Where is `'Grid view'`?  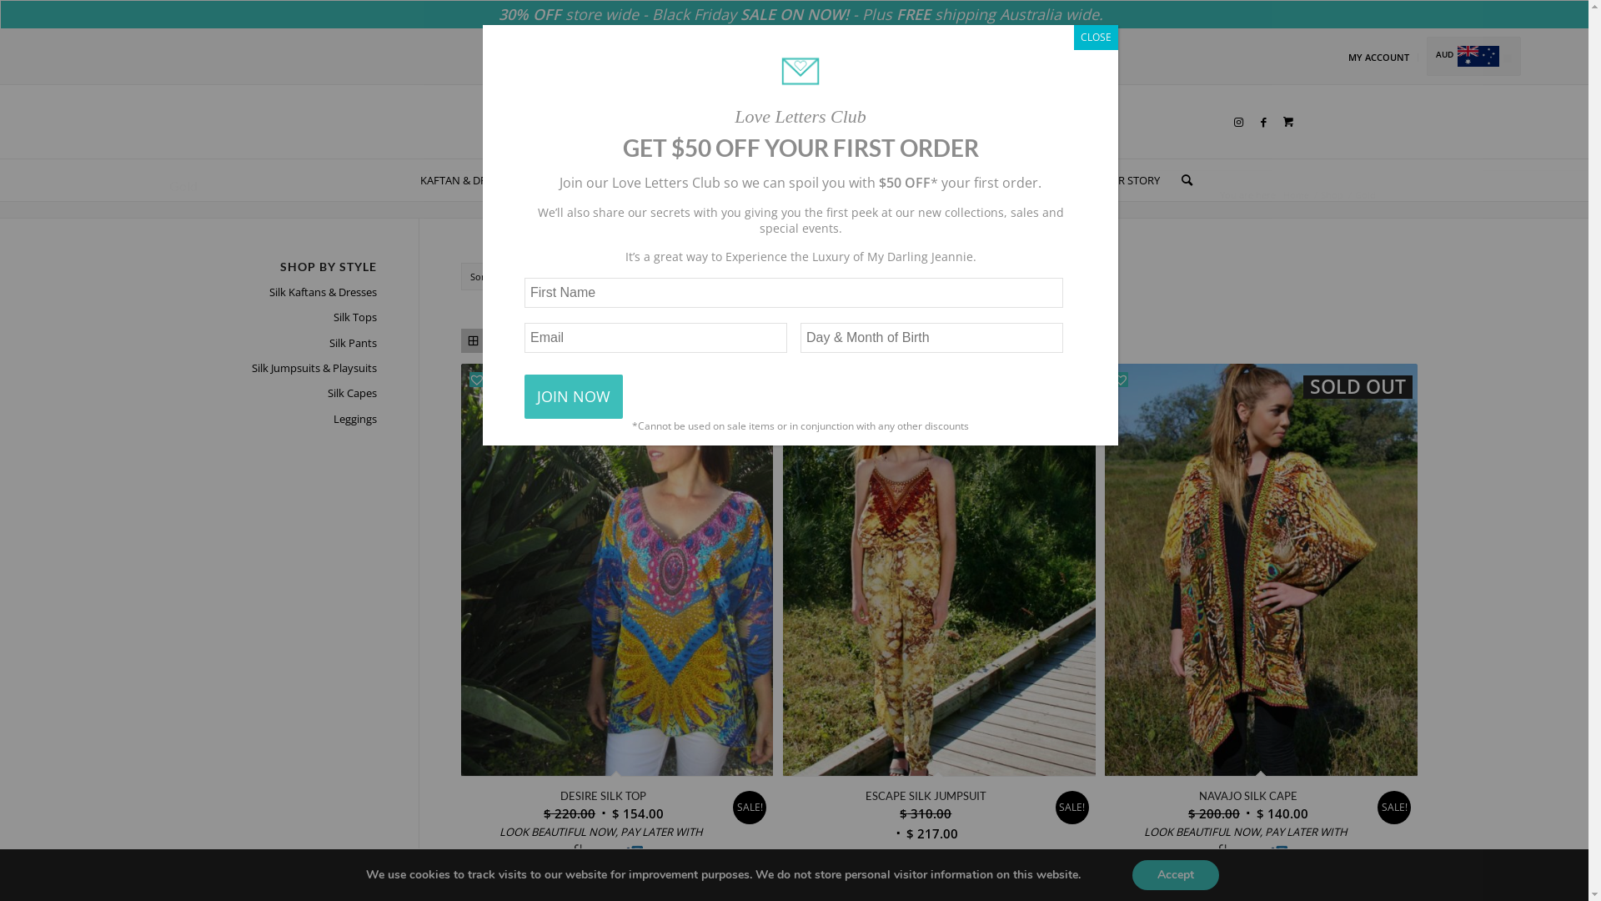 'Grid view' is located at coordinates (471, 340).